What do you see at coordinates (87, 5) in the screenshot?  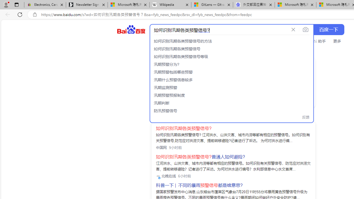 I see `'Newsletter Sign Up'` at bounding box center [87, 5].